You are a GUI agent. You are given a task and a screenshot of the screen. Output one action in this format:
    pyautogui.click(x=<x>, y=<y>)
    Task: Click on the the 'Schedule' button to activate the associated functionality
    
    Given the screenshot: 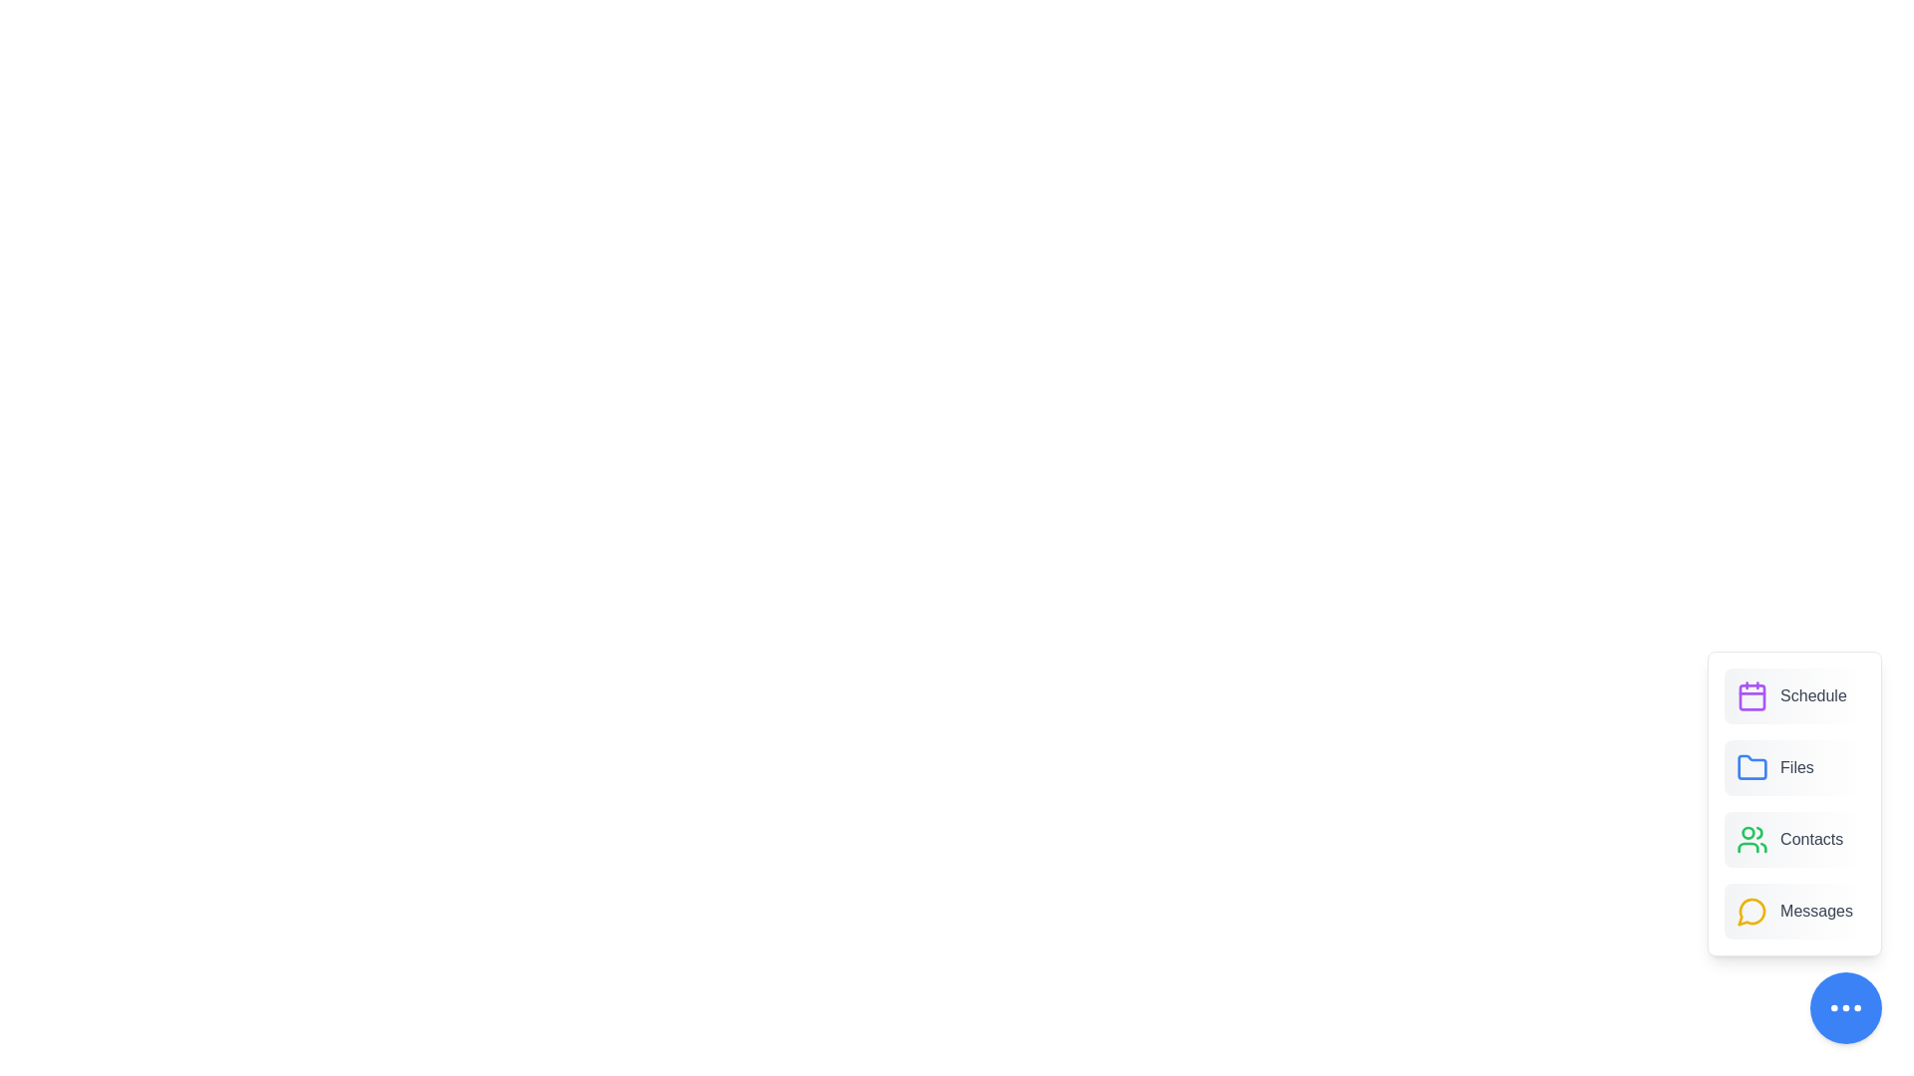 What is the action you would take?
    pyautogui.click(x=1794, y=694)
    